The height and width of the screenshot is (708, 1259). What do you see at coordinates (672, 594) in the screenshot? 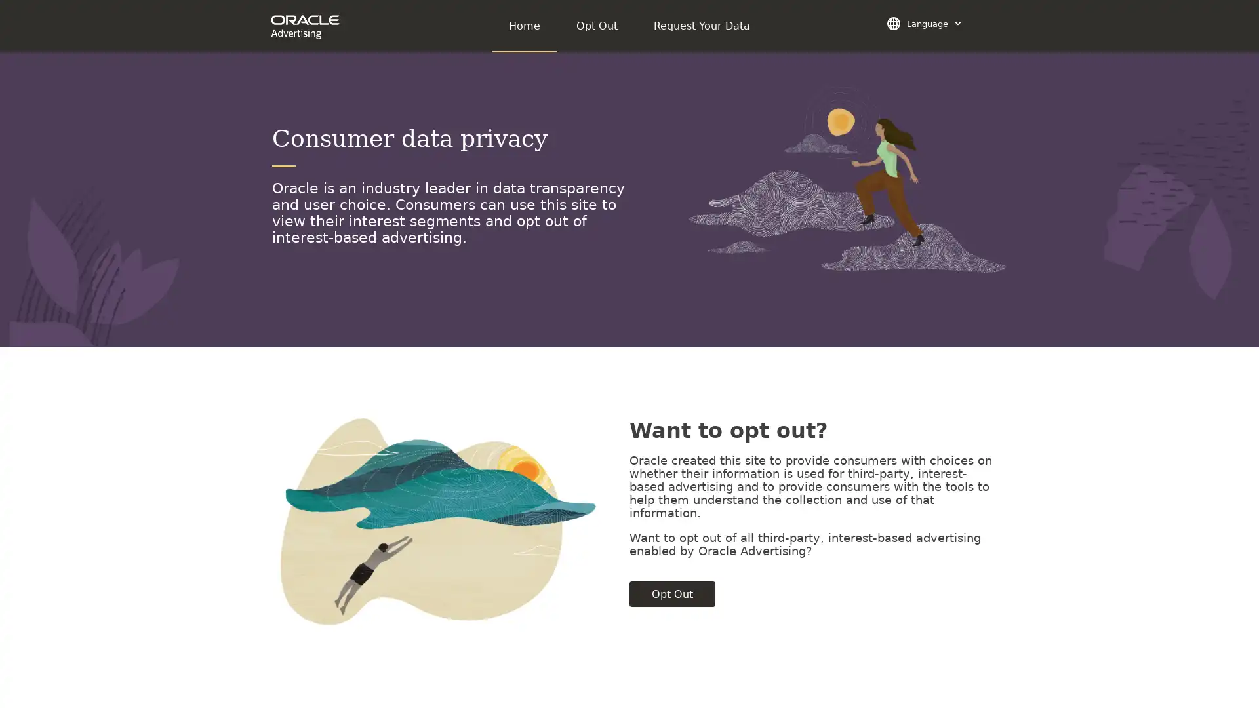
I see `Opt Out` at bounding box center [672, 594].